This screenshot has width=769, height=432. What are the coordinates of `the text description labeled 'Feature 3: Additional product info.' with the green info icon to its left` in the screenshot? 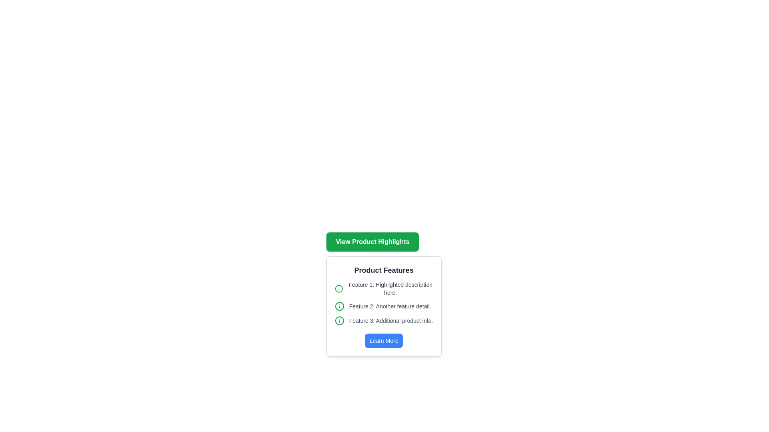 It's located at (383, 320).